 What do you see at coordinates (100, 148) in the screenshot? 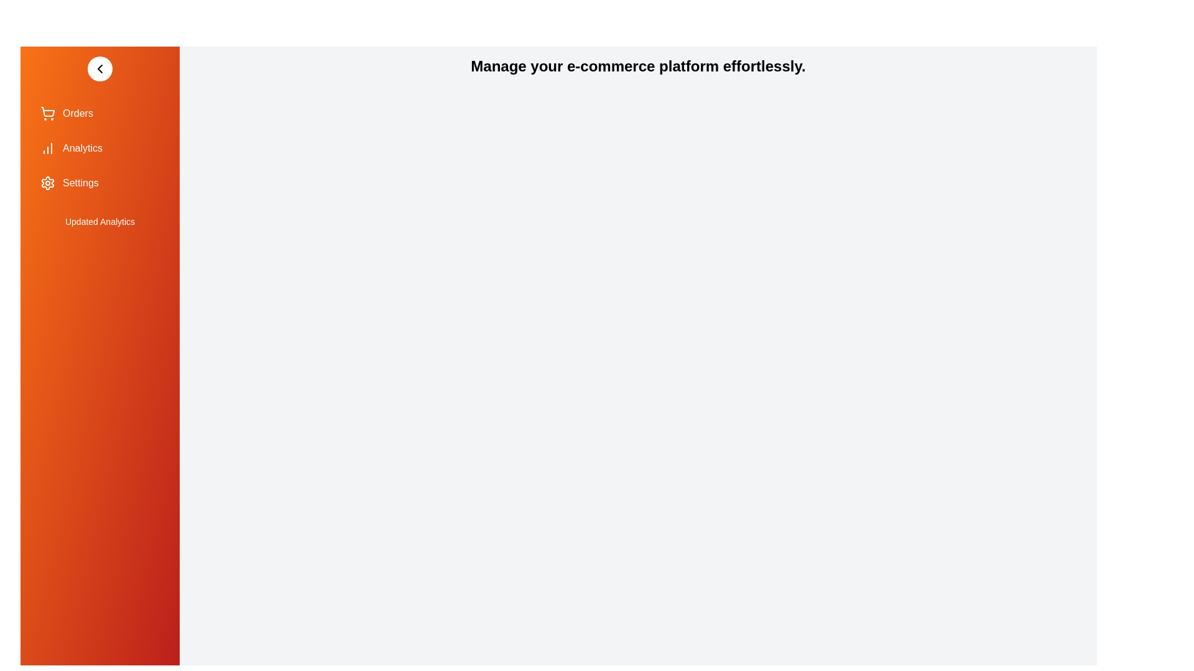
I see `the 'Analytics' menu item` at bounding box center [100, 148].